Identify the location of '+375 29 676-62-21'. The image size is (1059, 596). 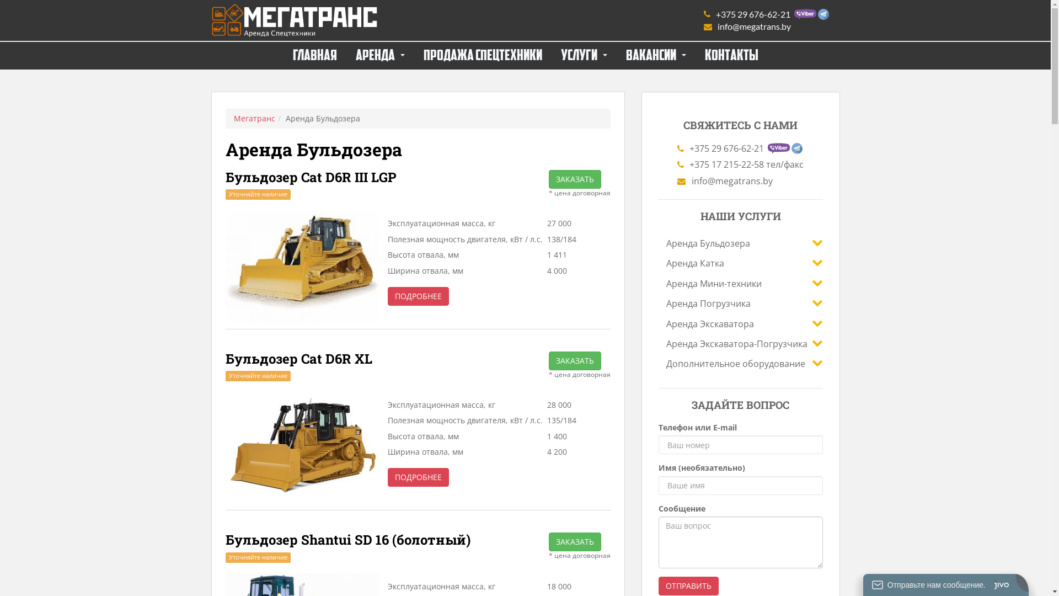
(766, 14).